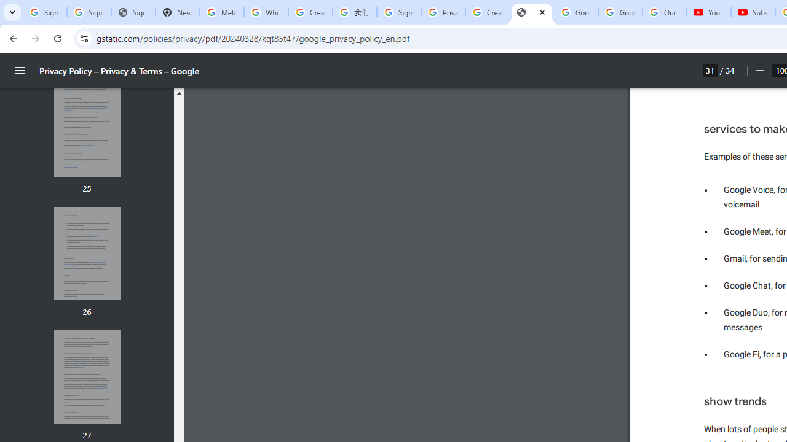 The image size is (787, 442). I want to click on 'YouTube', so click(709, 12).